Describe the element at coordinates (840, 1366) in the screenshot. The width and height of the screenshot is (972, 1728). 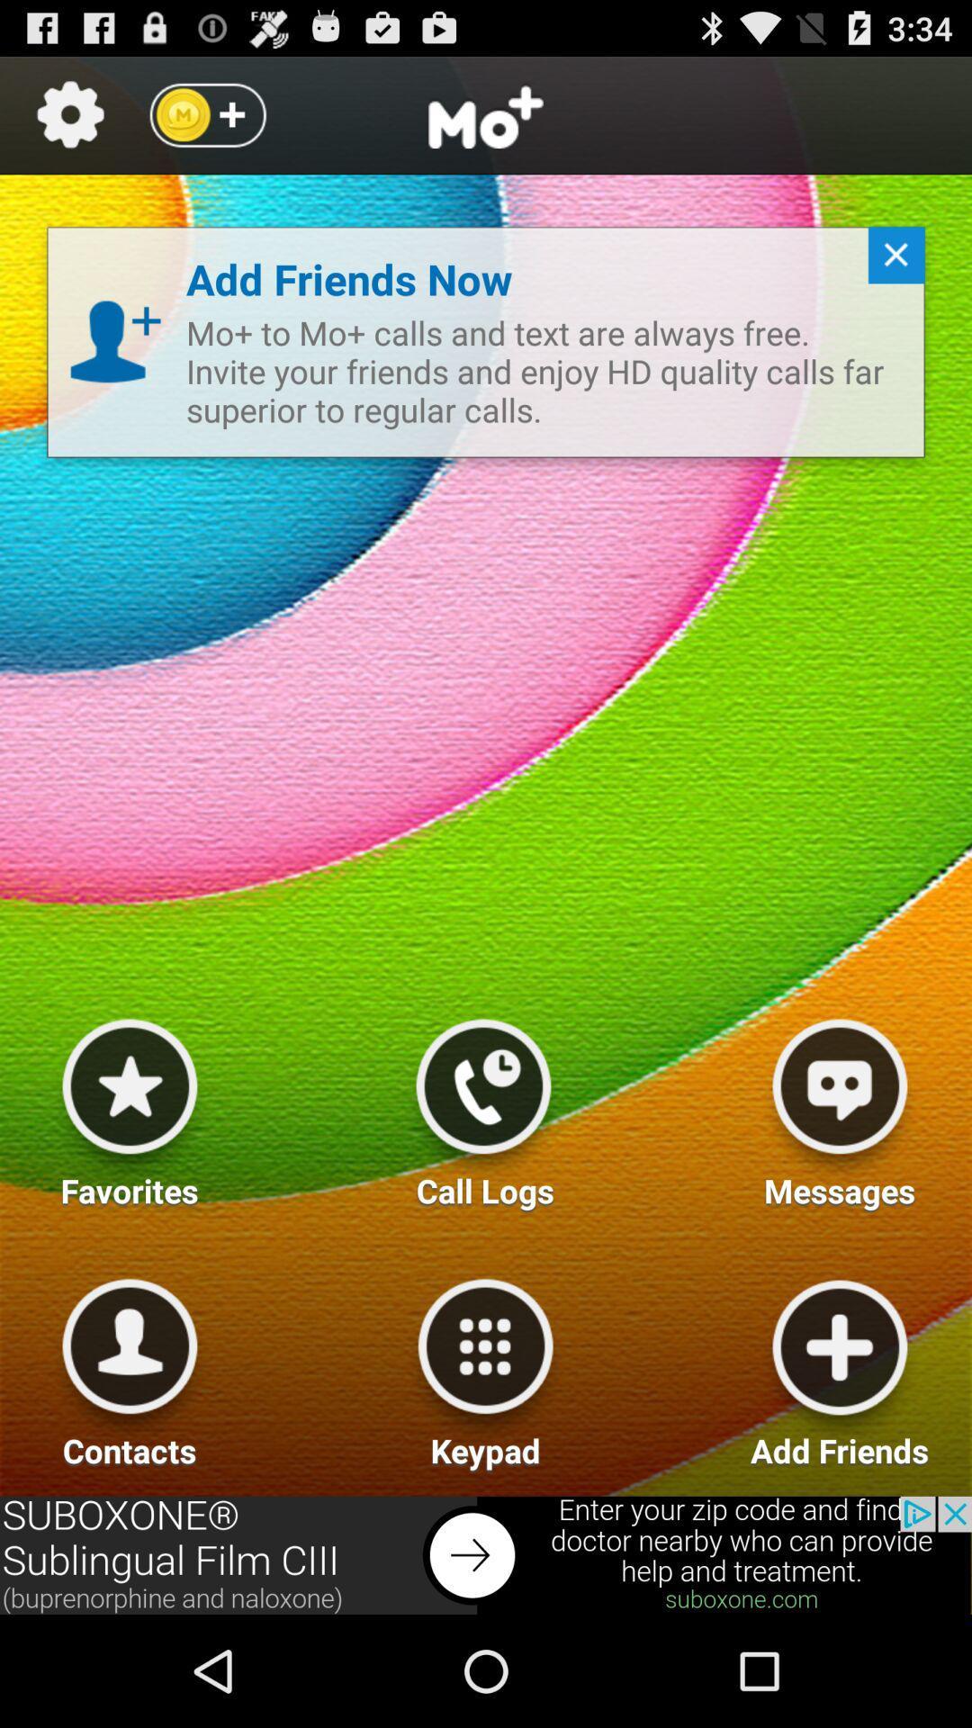
I see `add friends button` at that location.